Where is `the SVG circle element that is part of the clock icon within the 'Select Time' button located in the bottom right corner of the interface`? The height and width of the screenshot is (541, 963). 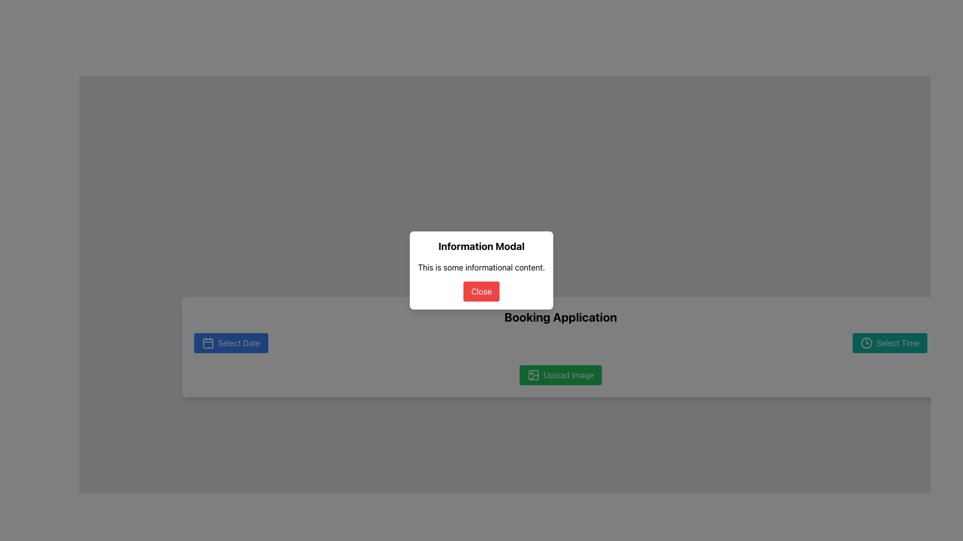
the SVG circle element that is part of the clock icon within the 'Select Time' button located in the bottom right corner of the interface is located at coordinates (866, 343).